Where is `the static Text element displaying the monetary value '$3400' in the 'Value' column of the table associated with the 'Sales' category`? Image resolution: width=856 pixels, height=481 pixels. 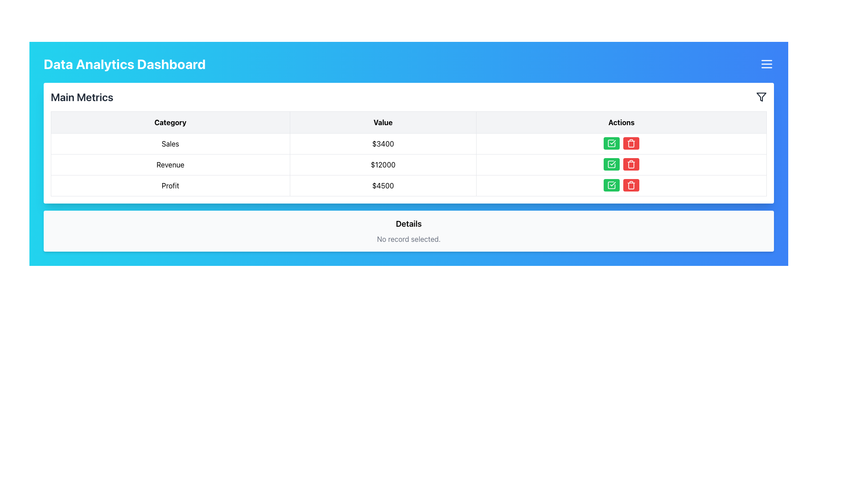
the static Text element displaying the monetary value '$3400' in the 'Value' column of the table associated with the 'Sales' category is located at coordinates (383, 143).